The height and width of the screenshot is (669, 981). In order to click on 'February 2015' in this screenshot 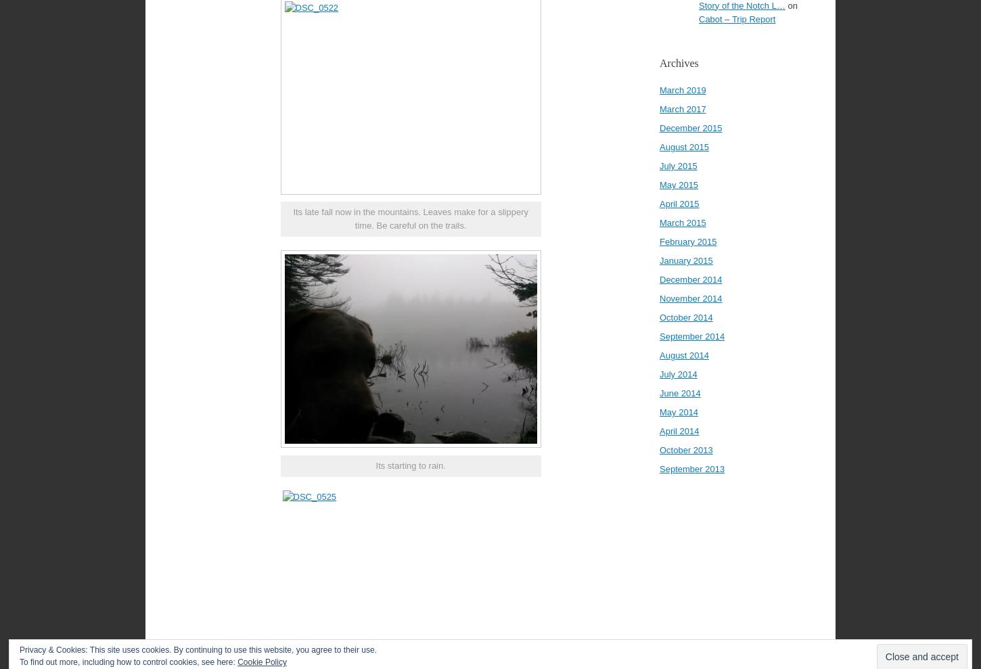, I will do `click(688, 241)`.